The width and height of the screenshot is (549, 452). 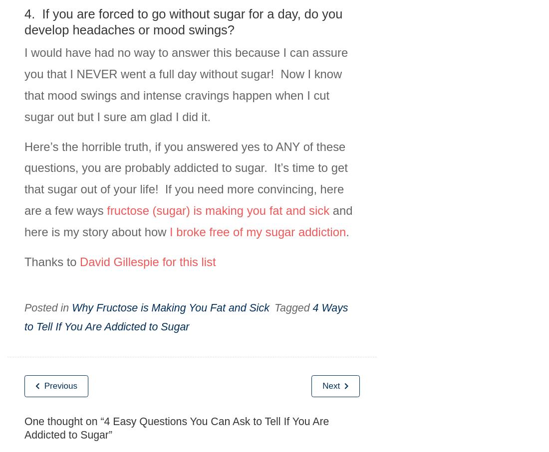 I want to click on 'fructose (sugar) is making you fat and sick', so click(x=218, y=210).